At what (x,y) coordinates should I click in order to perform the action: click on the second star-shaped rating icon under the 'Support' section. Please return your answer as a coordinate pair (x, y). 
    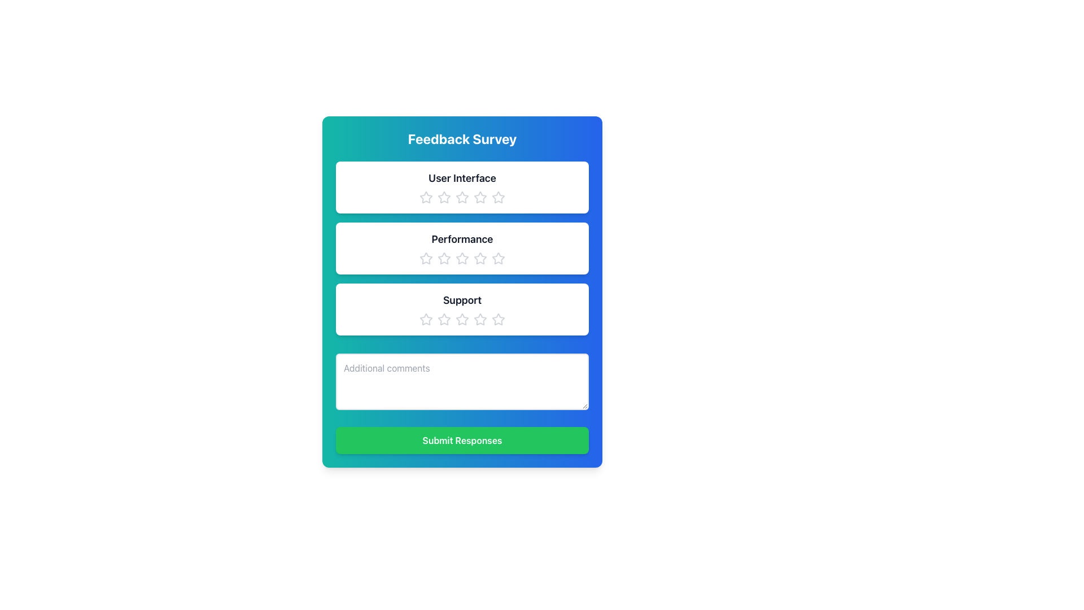
    Looking at the image, I should click on (425, 320).